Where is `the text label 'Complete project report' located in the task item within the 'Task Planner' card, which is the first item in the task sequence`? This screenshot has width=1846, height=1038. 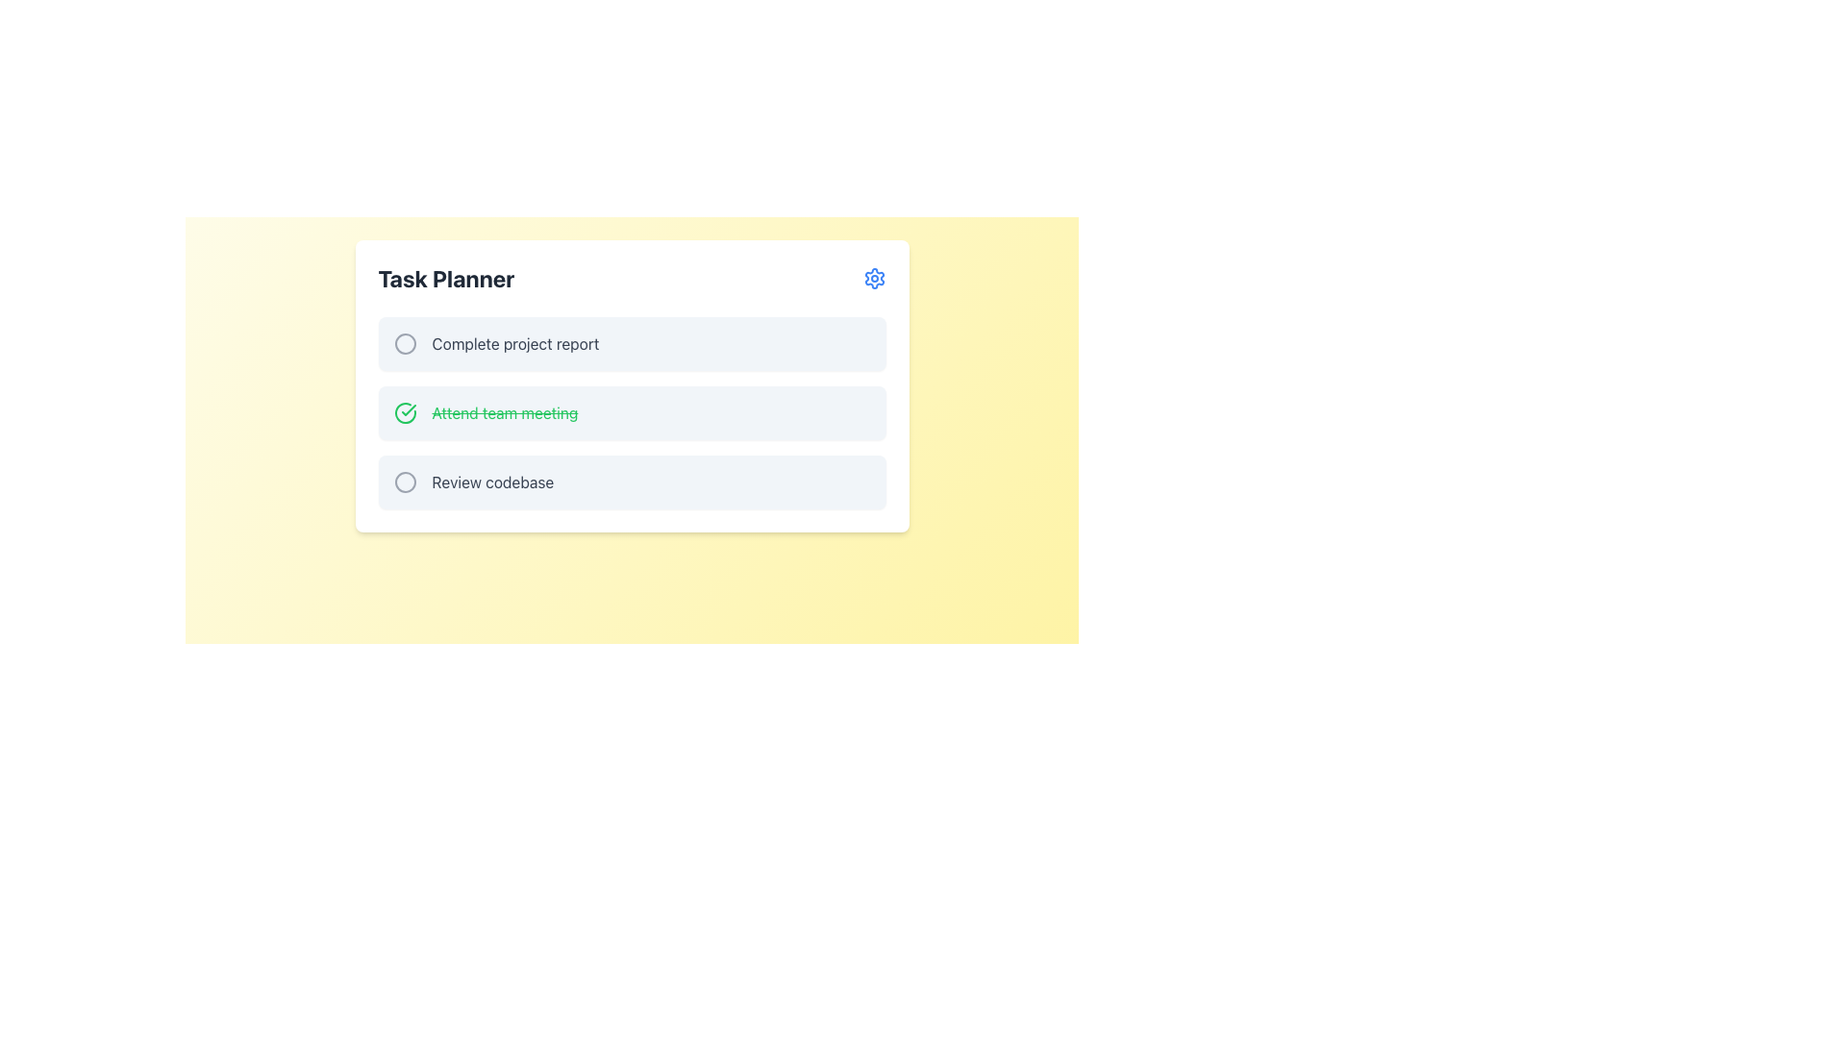
the text label 'Complete project report' located in the task item within the 'Task Planner' card, which is the first item in the task sequence is located at coordinates (496, 343).